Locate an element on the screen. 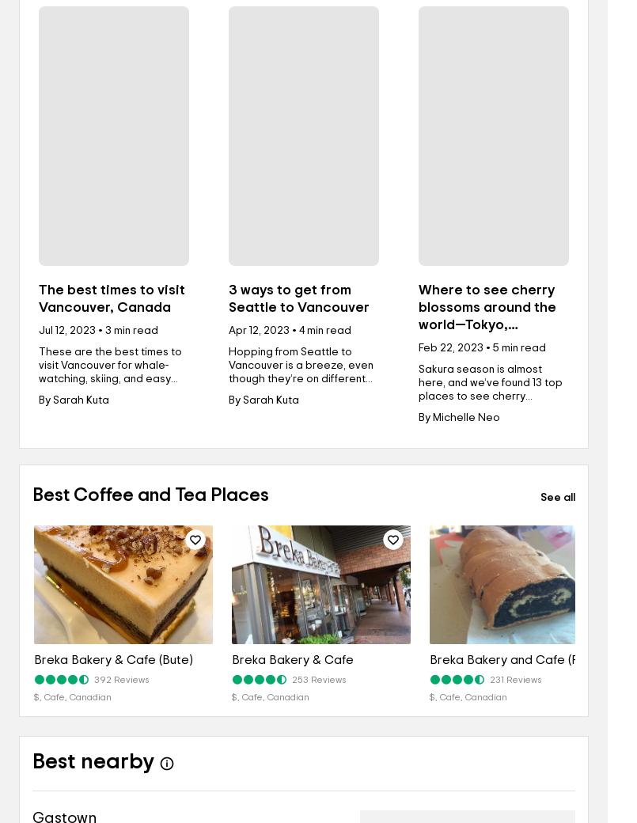  'Hopping from Seattle to Vancouver is a breeze, even though they’re on different sides of the U.S.-Canada border.' is located at coordinates (301, 379).